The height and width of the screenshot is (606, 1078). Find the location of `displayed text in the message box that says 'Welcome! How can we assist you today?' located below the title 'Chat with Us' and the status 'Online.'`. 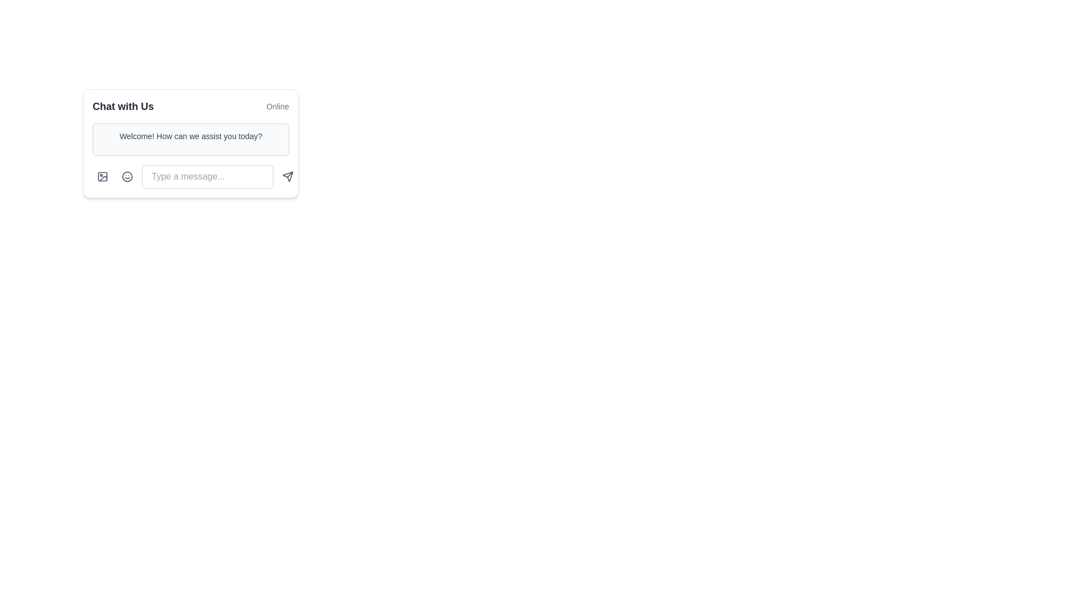

displayed text in the message box that says 'Welcome! How can we assist you today?' located below the title 'Chat with Us' and the status 'Online.' is located at coordinates (191, 139).